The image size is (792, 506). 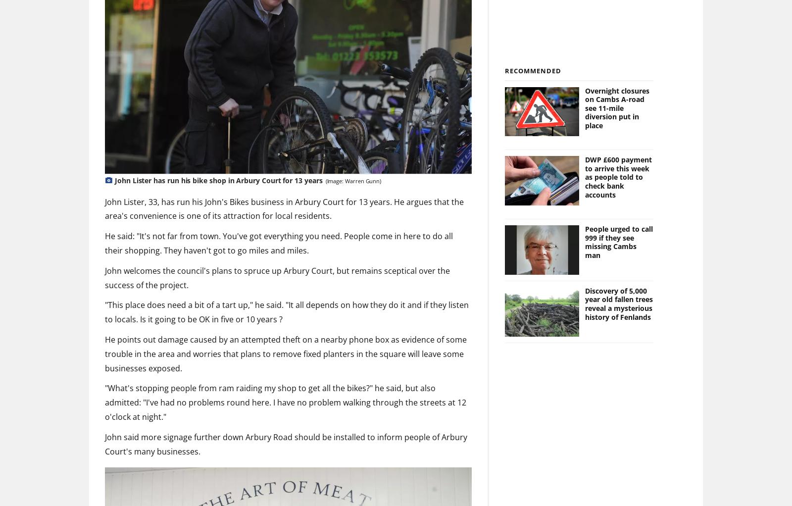 What do you see at coordinates (284, 208) in the screenshot?
I see `'John Lister, 33, has run his John's Bikes business in Arbury Court for 13 years. He argues that the area's convenience is one of its attraction for local residents.'` at bounding box center [284, 208].